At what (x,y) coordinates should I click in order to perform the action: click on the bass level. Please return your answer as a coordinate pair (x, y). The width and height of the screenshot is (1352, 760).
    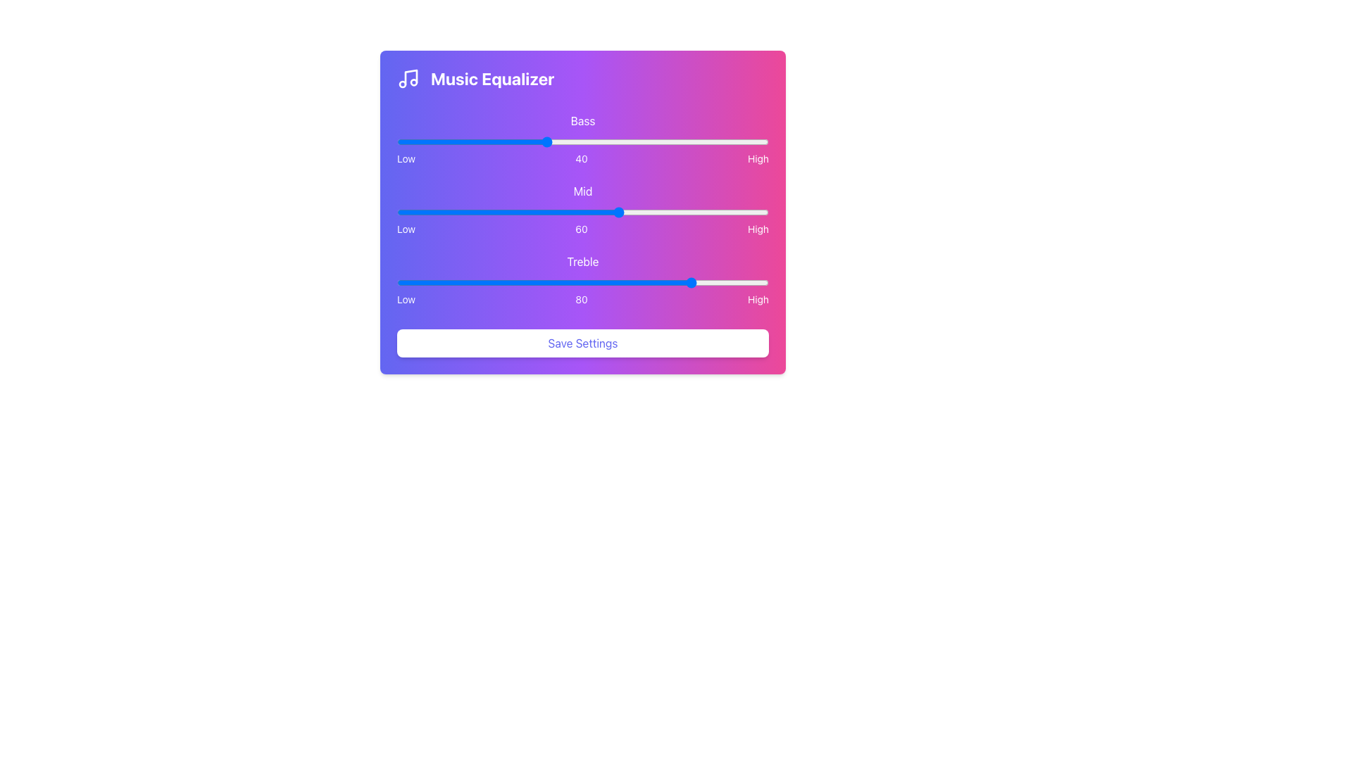
    Looking at the image, I should click on (694, 141).